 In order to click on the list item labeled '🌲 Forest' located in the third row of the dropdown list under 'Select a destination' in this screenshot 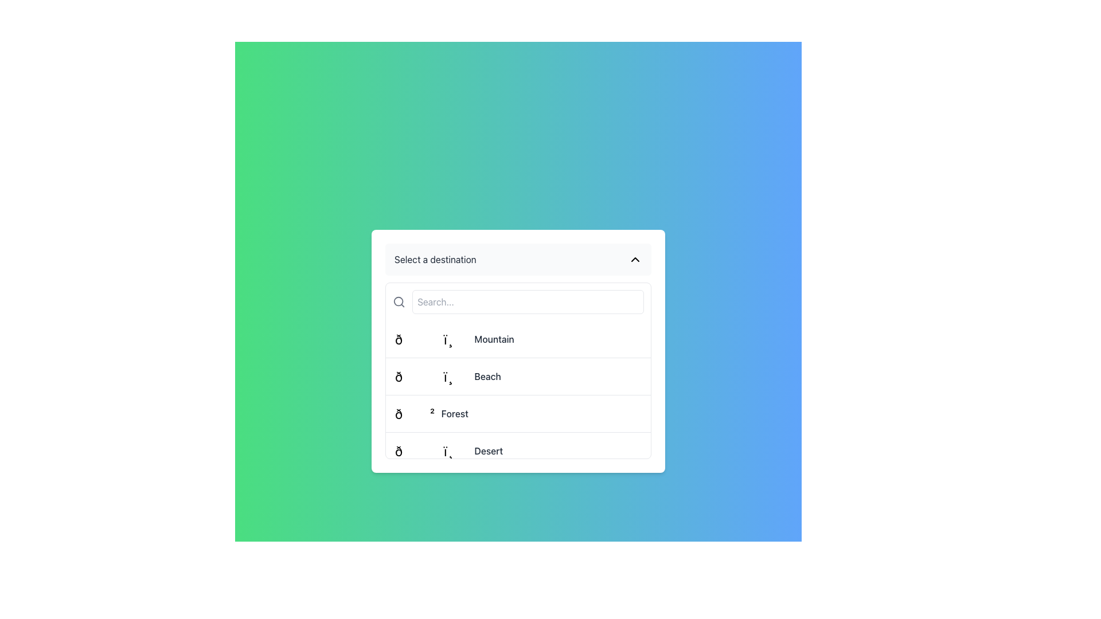, I will do `click(431, 413)`.